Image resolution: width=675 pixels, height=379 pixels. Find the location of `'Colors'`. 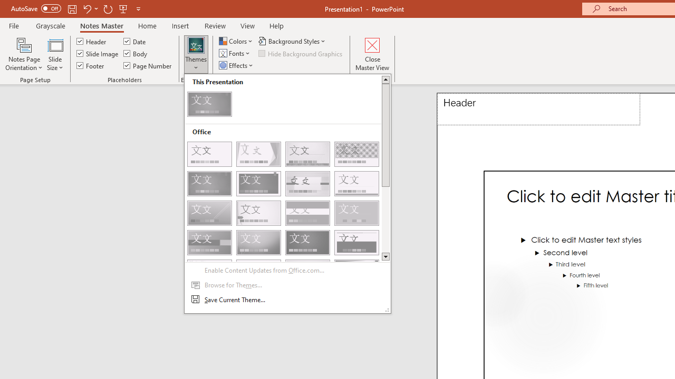

'Colors' is located at coordinates (236, 41).